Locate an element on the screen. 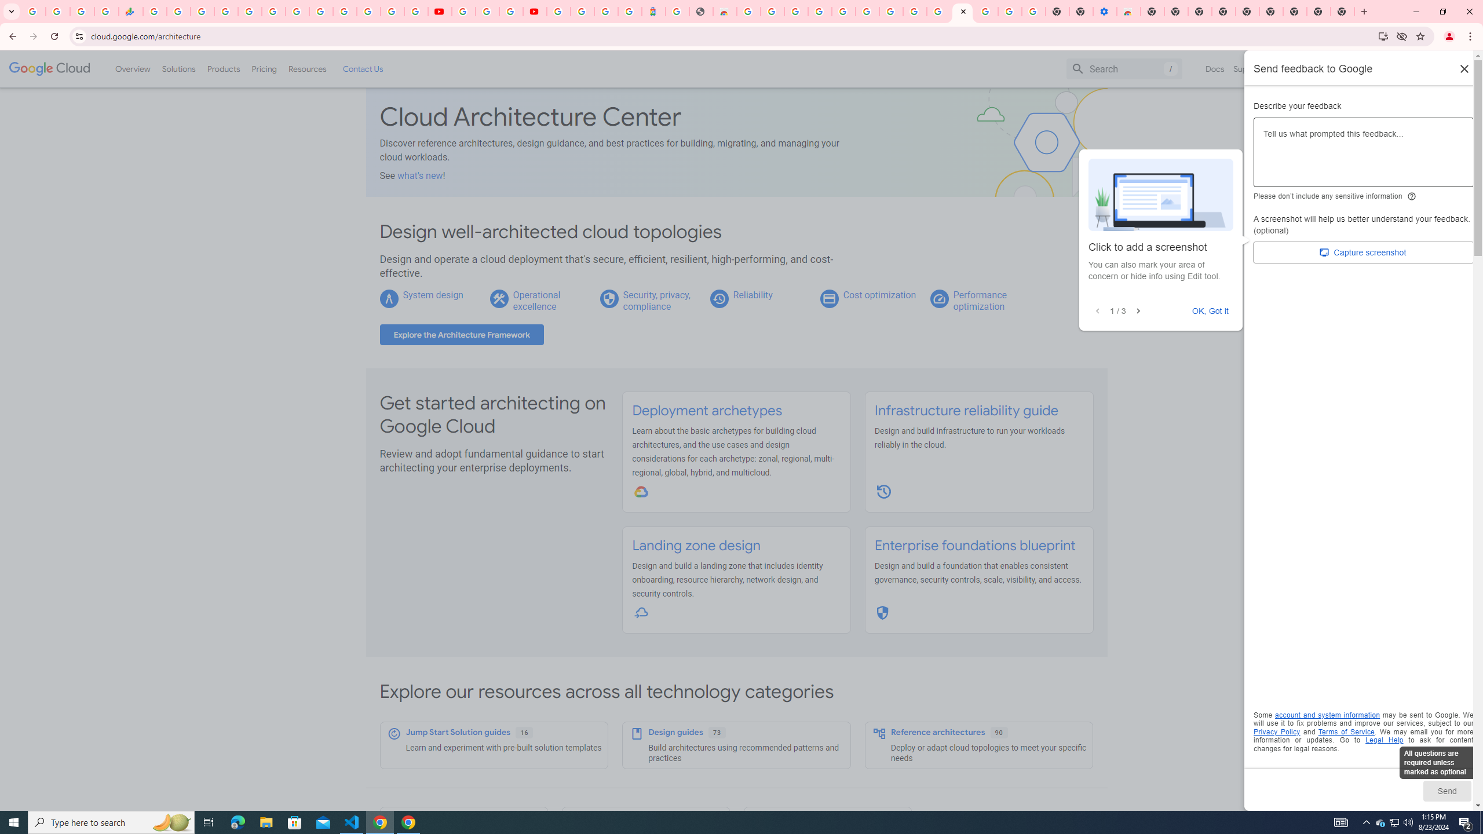 This screenshot has width=1483, height=834. 'Google Account Help' is located at coordinates (486, 11).